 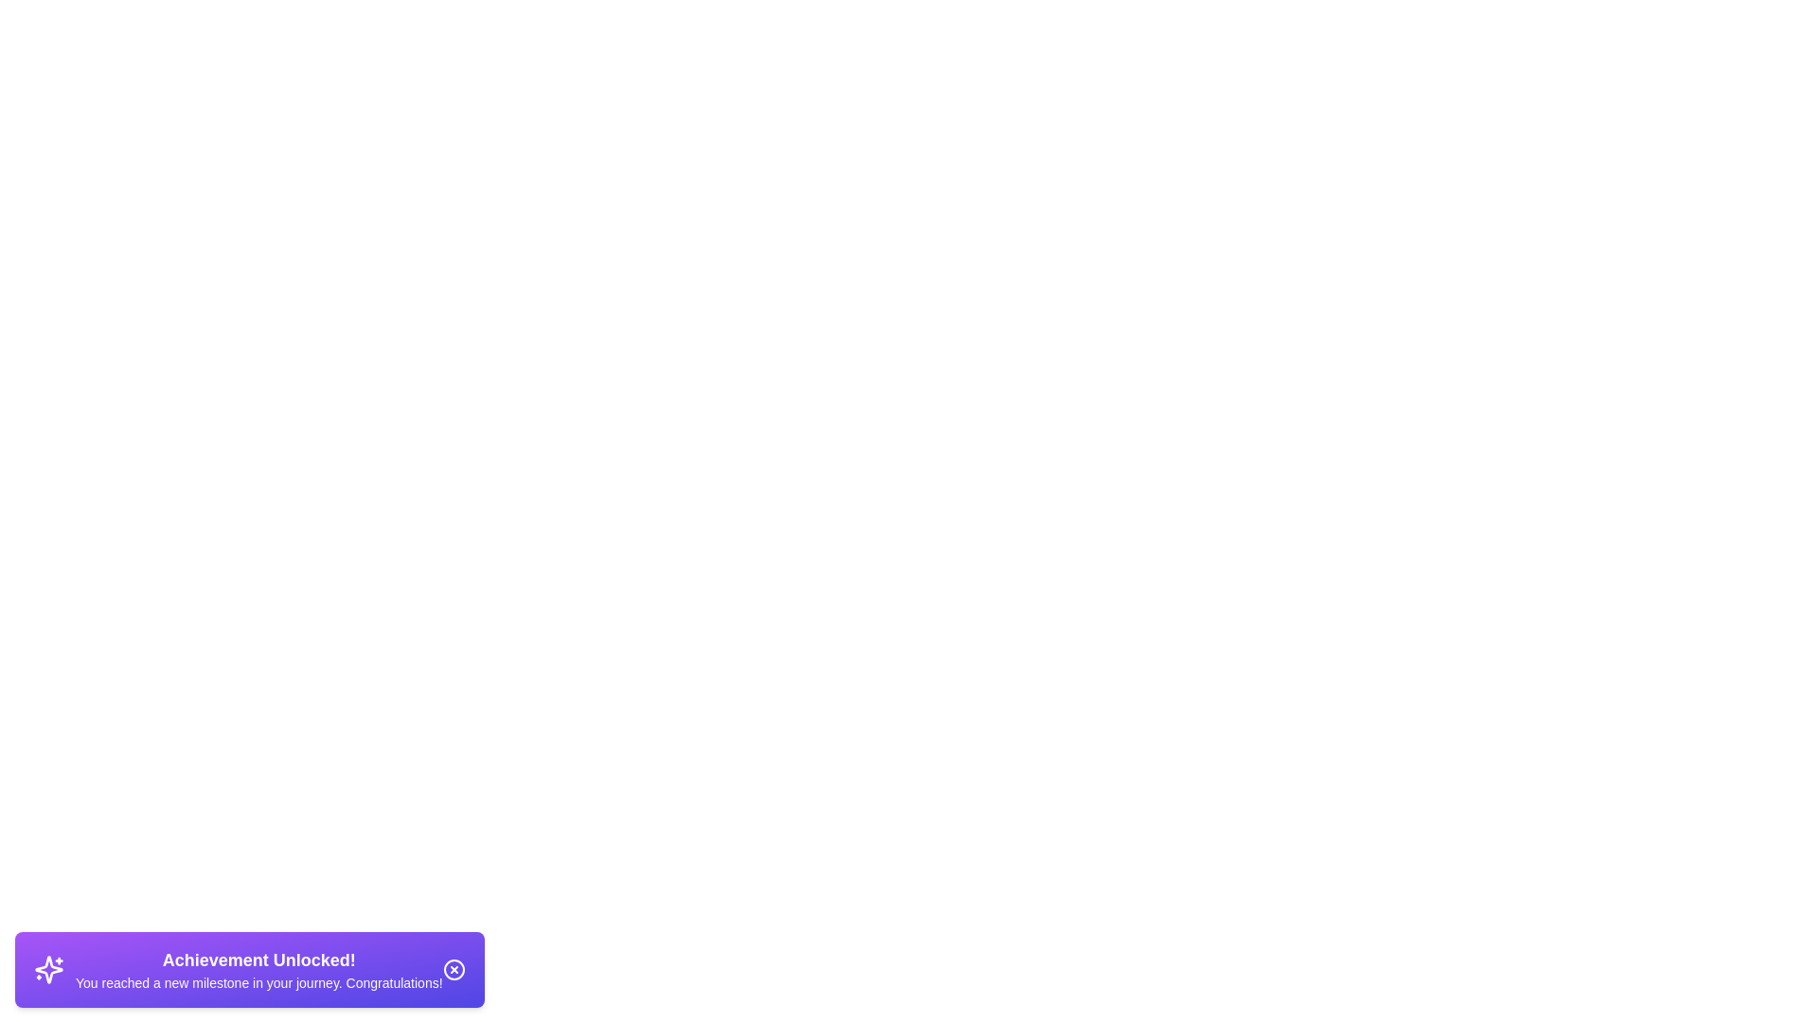 I want to click on the close button to observe hover effects, so click(x=453, y=969).